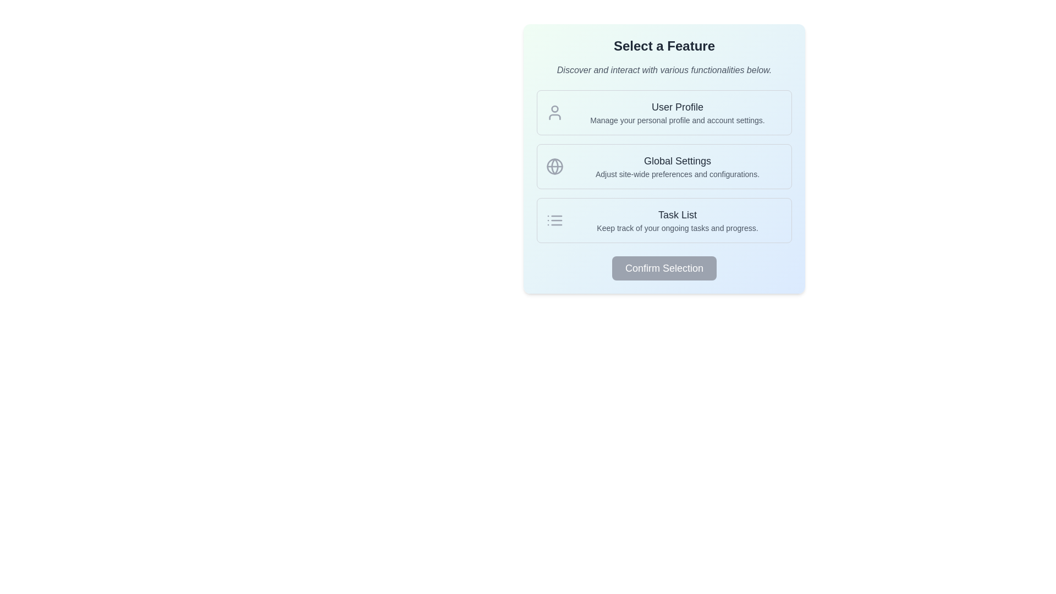 The width and height of the screenshot is (1056, 594). I want to click on the text label reading 'Manage your personal profile and account settings.' which is positioned underneath the bold 'User Profile' title, so click(677, 120).